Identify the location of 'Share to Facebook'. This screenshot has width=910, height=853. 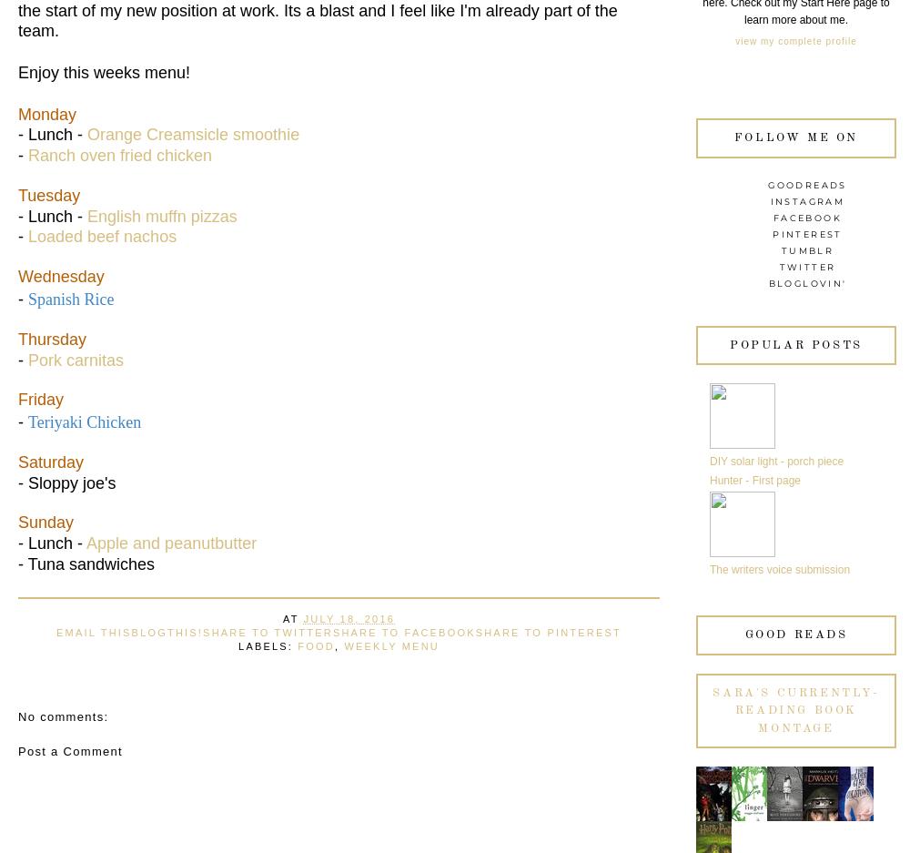
(402, 632).